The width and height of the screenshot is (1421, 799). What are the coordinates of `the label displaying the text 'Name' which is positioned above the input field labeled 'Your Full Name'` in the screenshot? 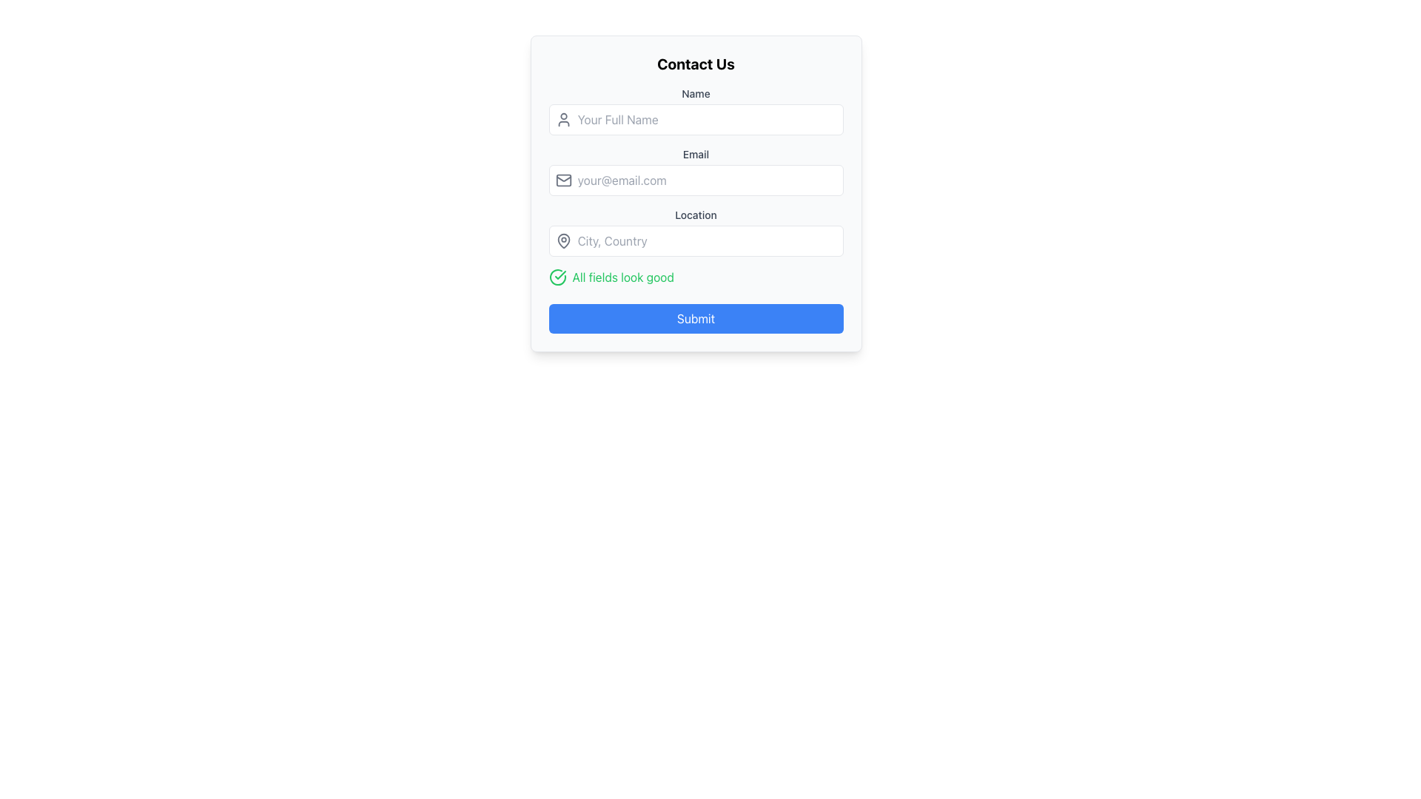 It's located at (695, 94).